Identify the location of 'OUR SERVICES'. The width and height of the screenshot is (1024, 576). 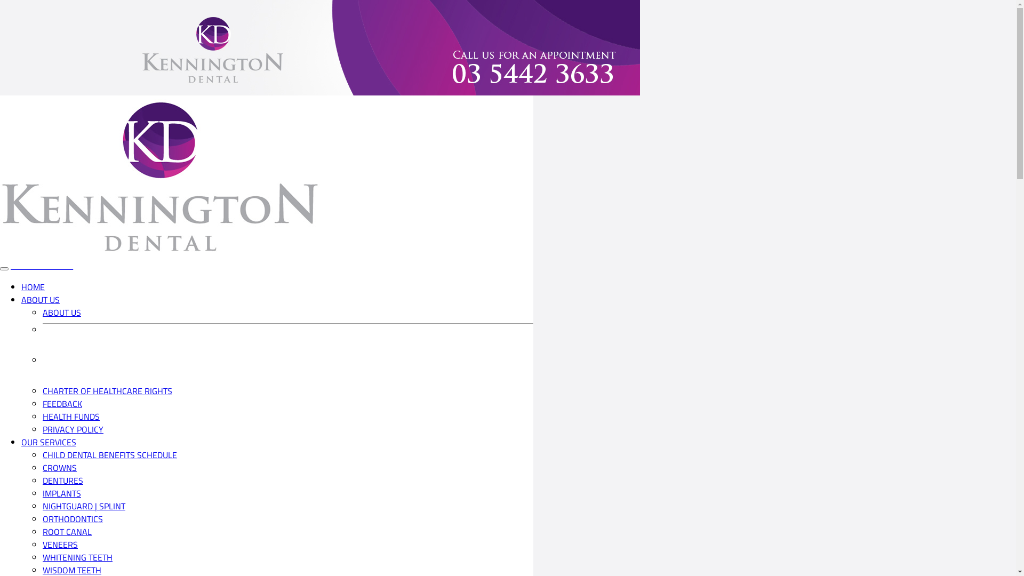
(48, 442).